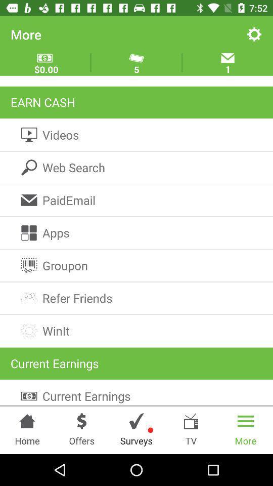  I want to click on the icon below the videos, so click(136, 168).